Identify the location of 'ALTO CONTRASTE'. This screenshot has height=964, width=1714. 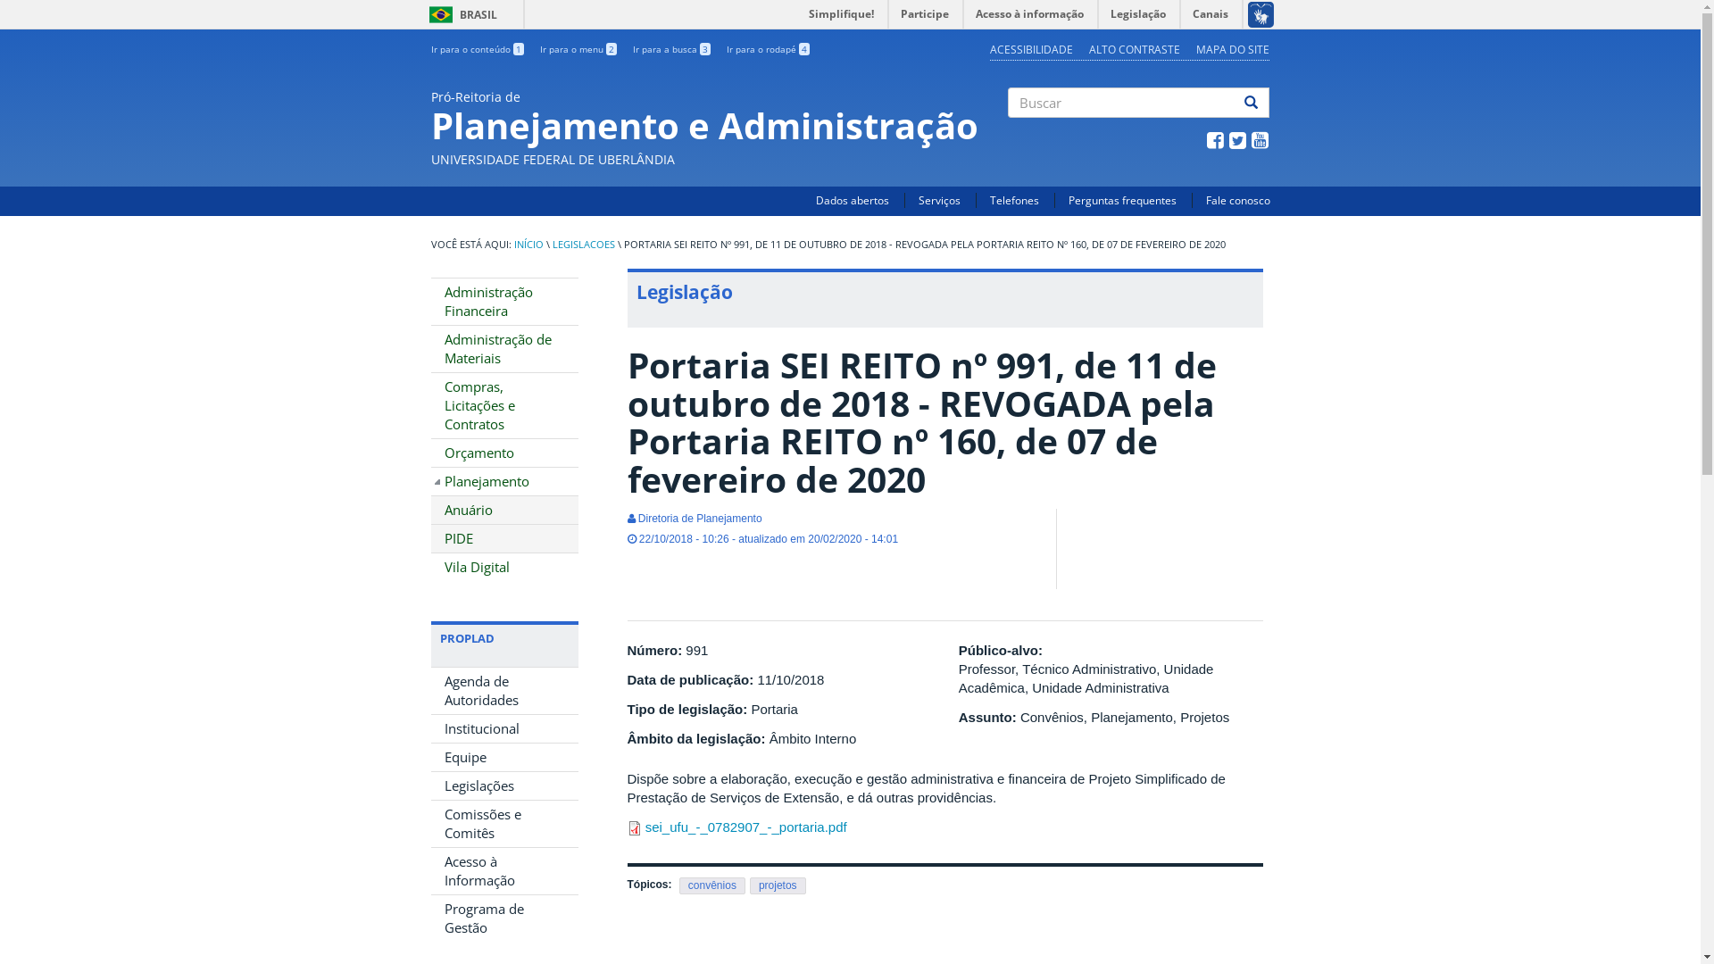
(1134, 48).